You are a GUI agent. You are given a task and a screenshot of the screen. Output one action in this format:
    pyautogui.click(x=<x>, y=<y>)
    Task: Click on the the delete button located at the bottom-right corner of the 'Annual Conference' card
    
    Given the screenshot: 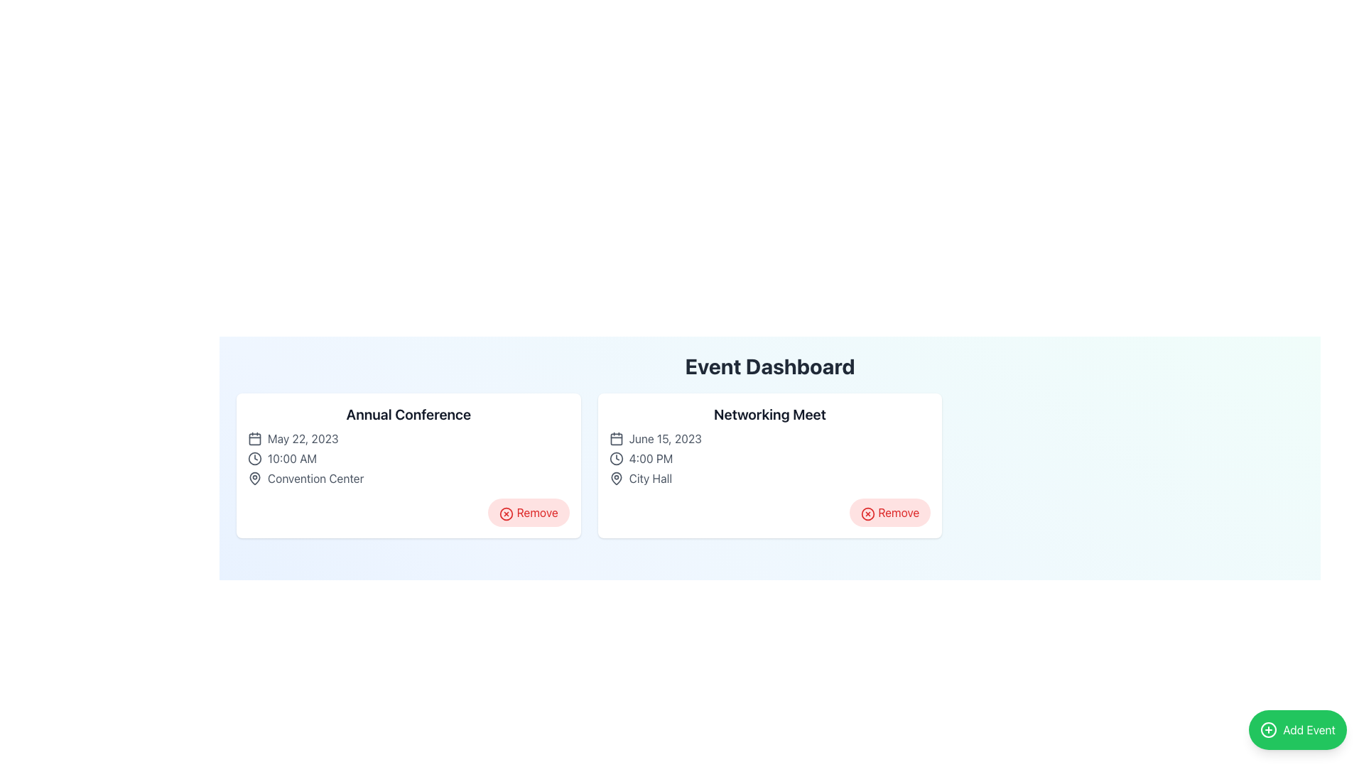 What is the action you would take?
    pyautogui.click(x=528, y=512)
    